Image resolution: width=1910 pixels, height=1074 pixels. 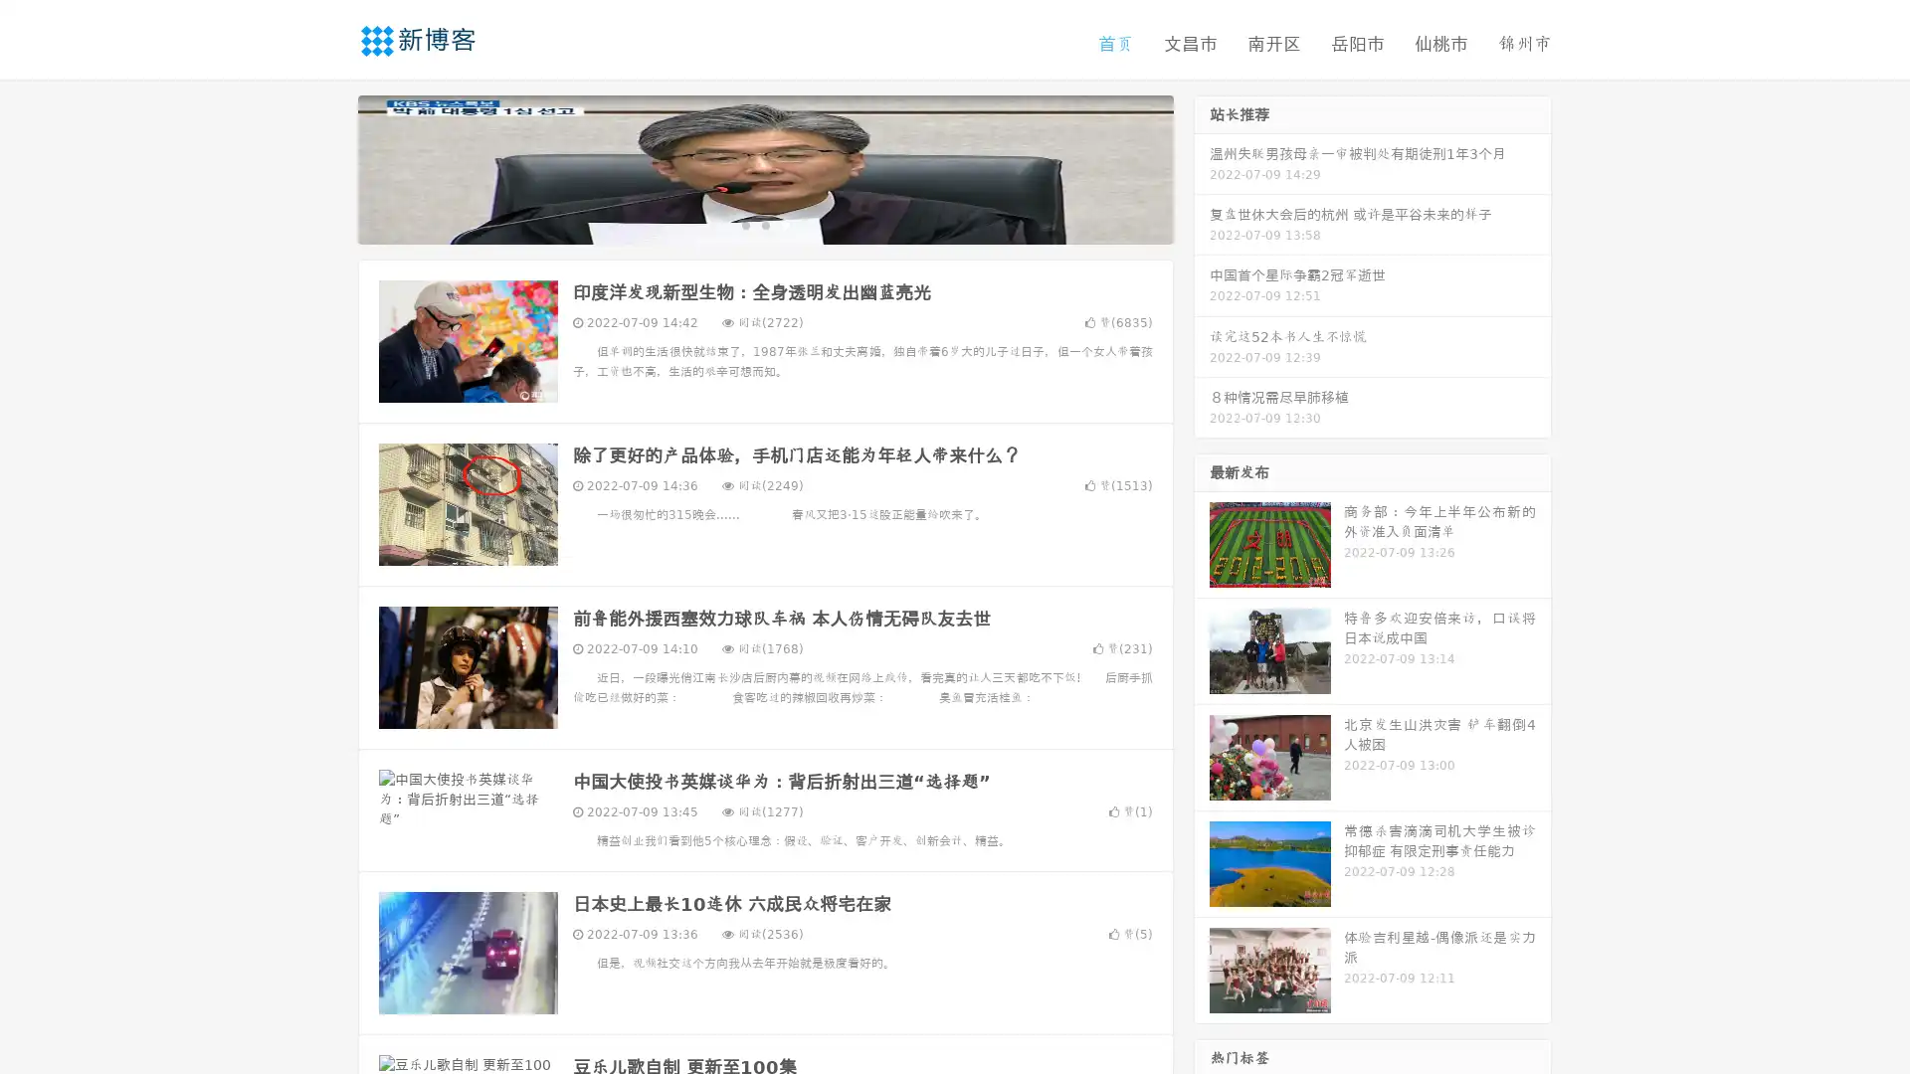 I want to click on Next slide, so click(x=1202, y=167).